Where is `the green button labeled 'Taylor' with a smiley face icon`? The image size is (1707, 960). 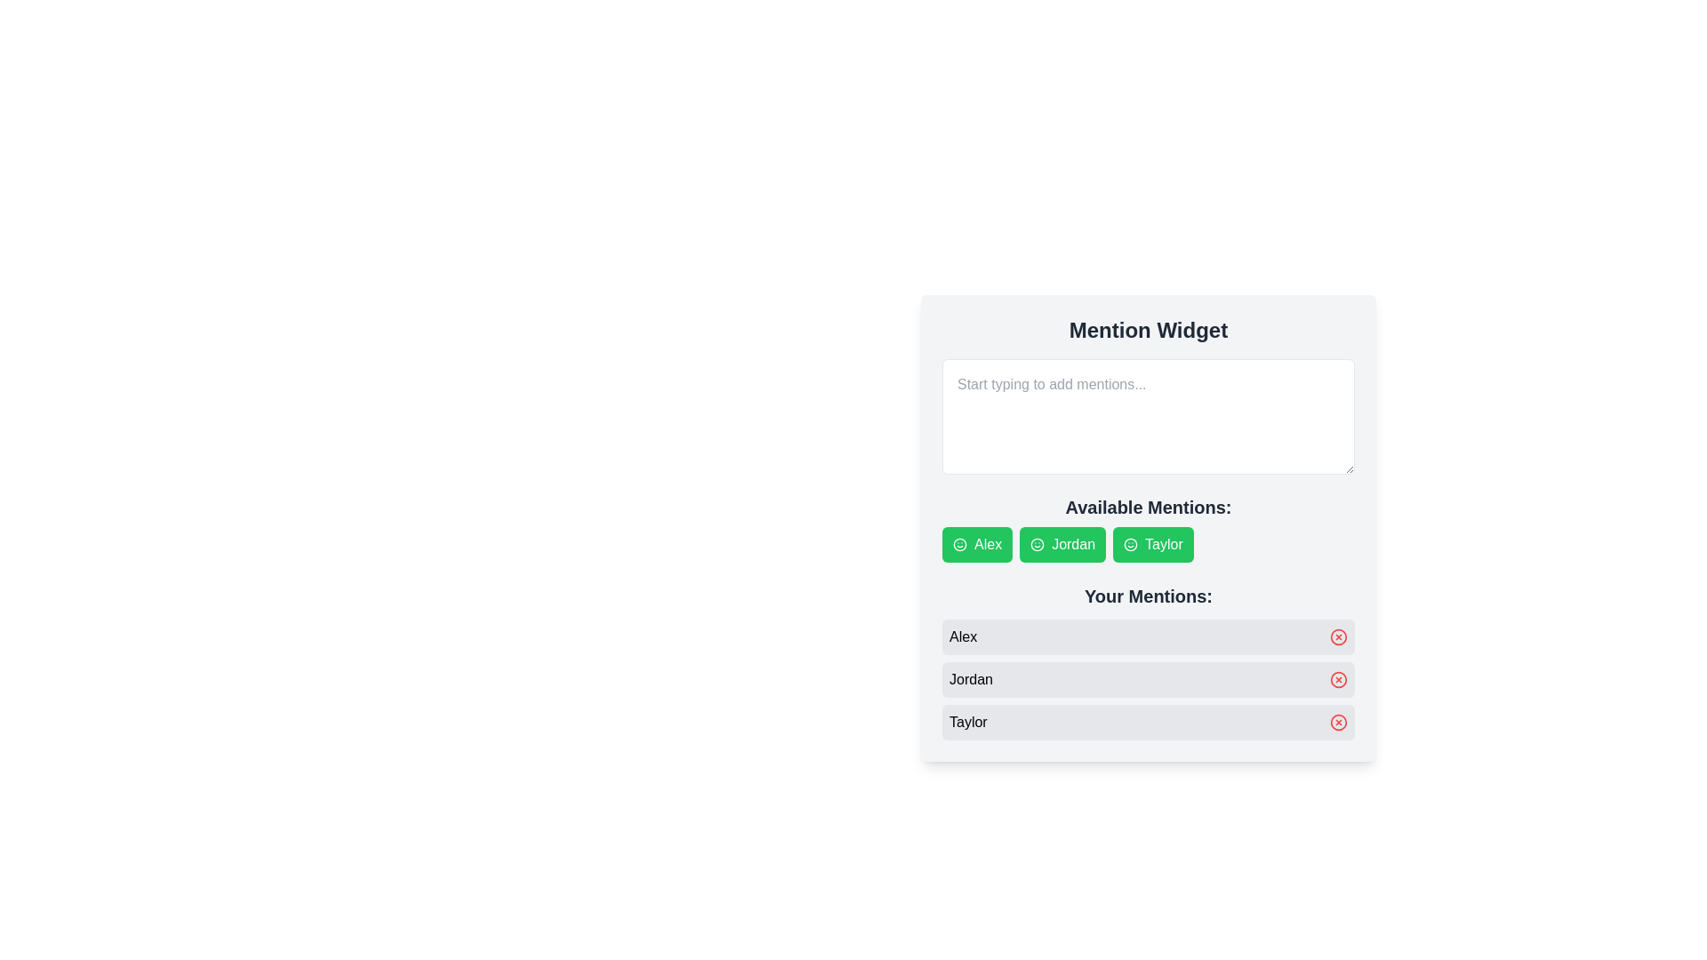
the green button labeled 'Taylor' with a smiley face icon is located at coordinates (1148, 527).